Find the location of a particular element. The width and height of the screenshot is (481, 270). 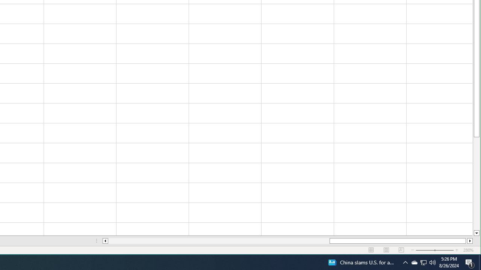

'Q2790: 100%' is located at coordinates (433, 262).